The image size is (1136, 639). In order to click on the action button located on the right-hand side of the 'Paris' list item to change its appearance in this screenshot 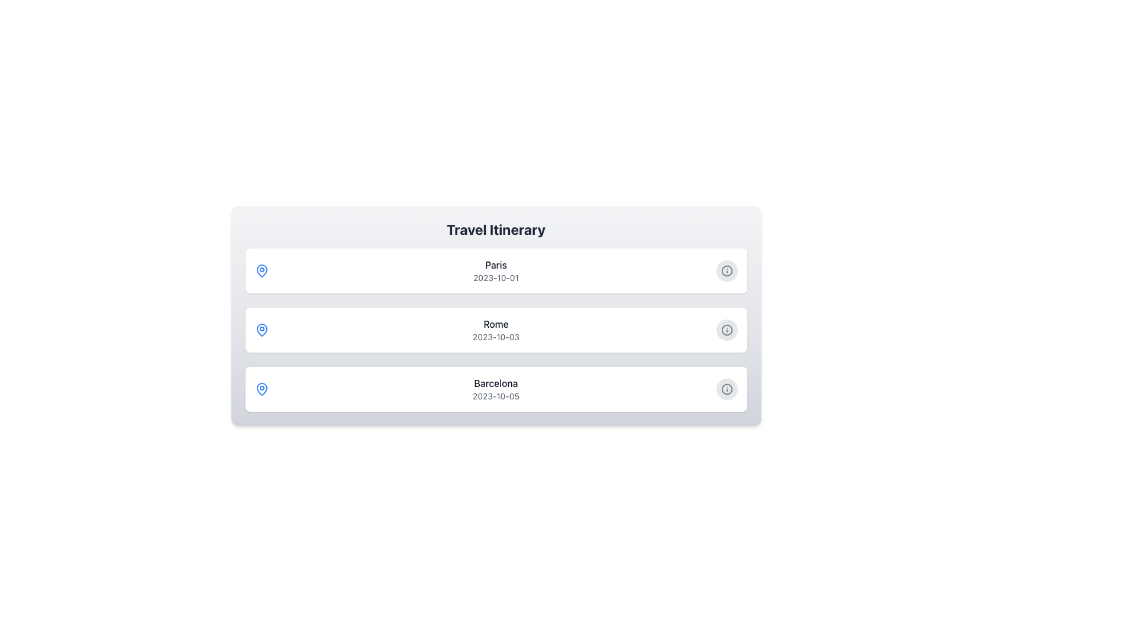, I will do `click(726, 271)`.